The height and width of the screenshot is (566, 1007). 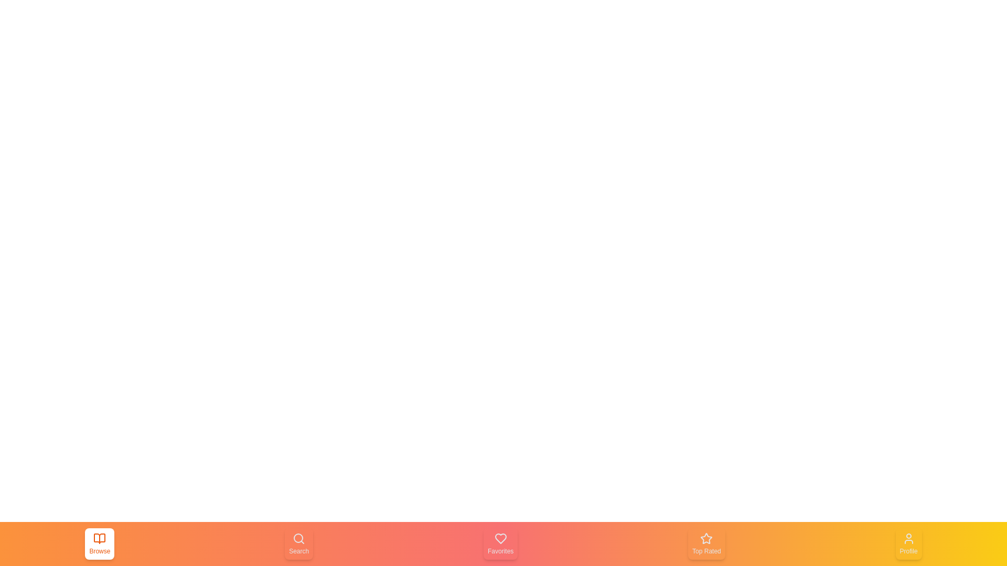 What do you see at coordinates (908, 543) in the screenshot?
I see `the tab Profile by clicking on the corresponding button` at bounding box center [908, 543].